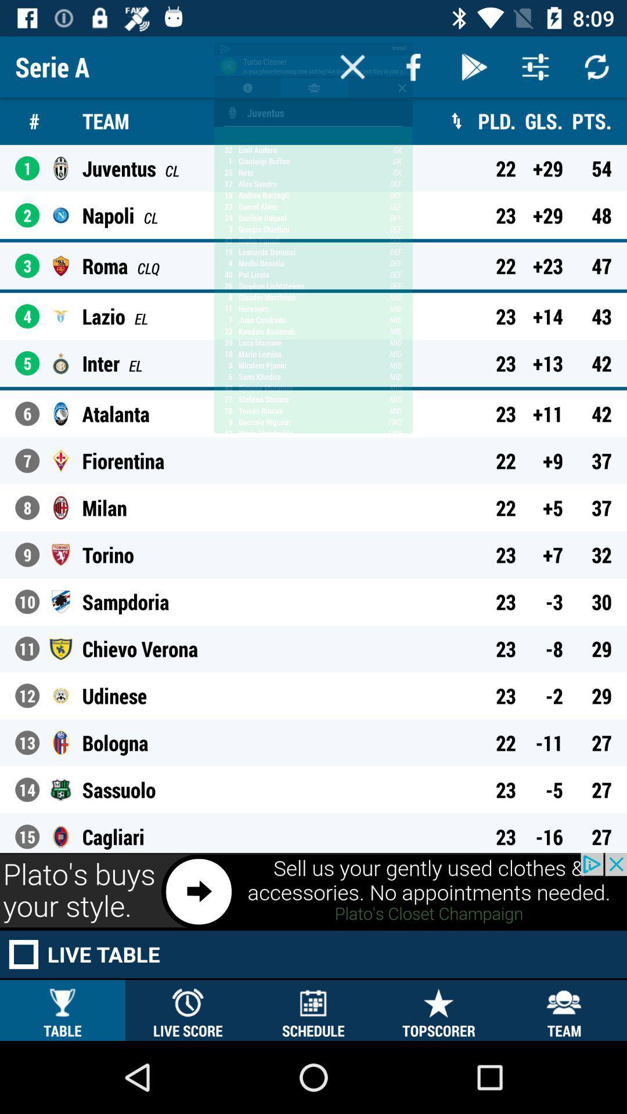 The width and height of the screenshot is (627, 1114). What do you see at coordinates (535, 66) in the screenshot?
I see `the sliders icon` at bounding box center [535, 66].